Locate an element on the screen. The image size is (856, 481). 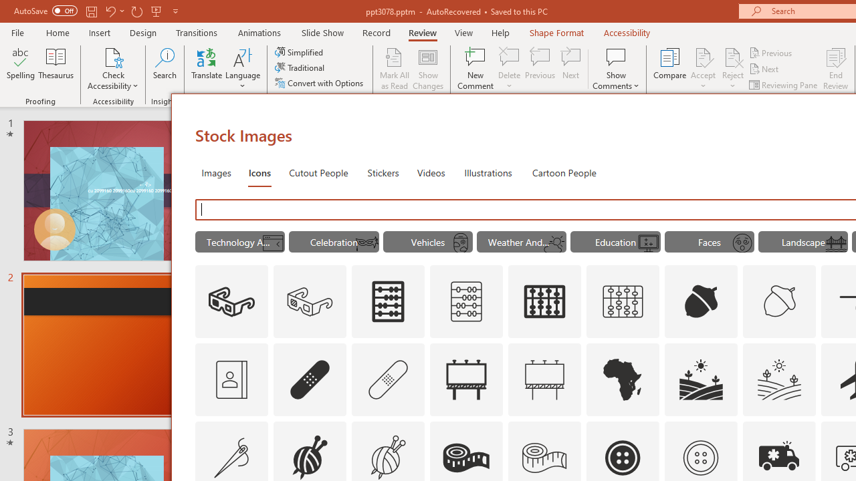
'"Vehicles" Icons.' is located at coordinates (428, 242).